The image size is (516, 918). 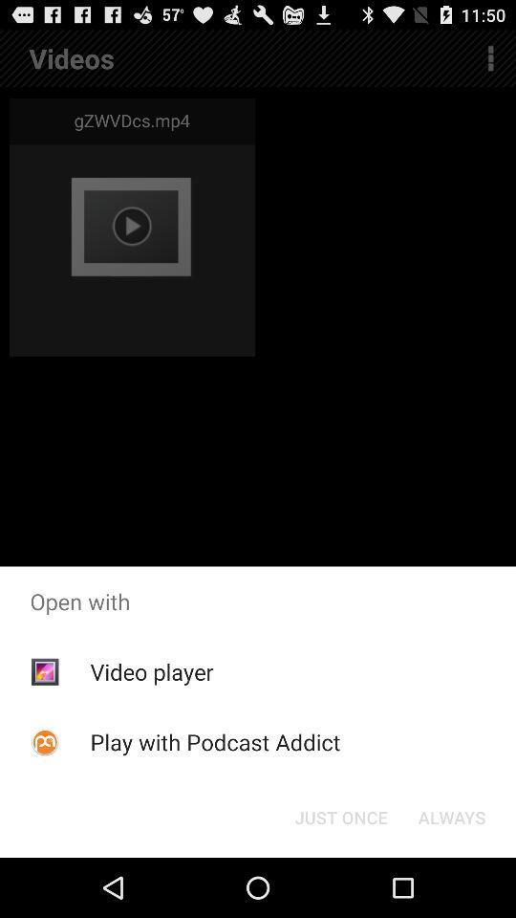 I want to click on the always icon, so click(x=451, y=816).